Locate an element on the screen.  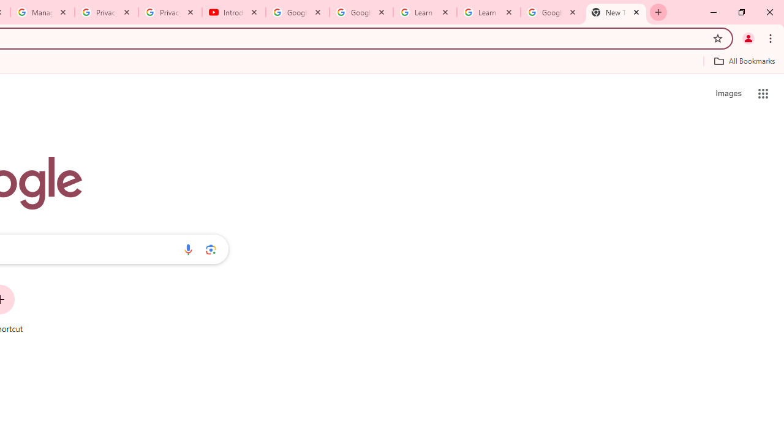
'Search by voice' is located at coordinates (187, 249).